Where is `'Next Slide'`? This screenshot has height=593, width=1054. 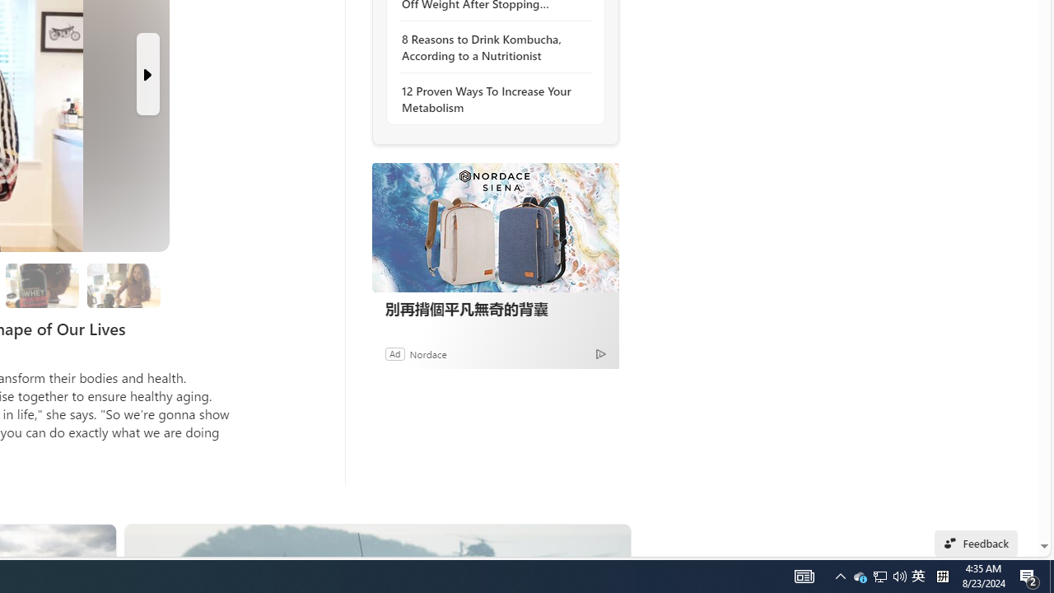
'Next Slide' is located at coordinates (147, 74).